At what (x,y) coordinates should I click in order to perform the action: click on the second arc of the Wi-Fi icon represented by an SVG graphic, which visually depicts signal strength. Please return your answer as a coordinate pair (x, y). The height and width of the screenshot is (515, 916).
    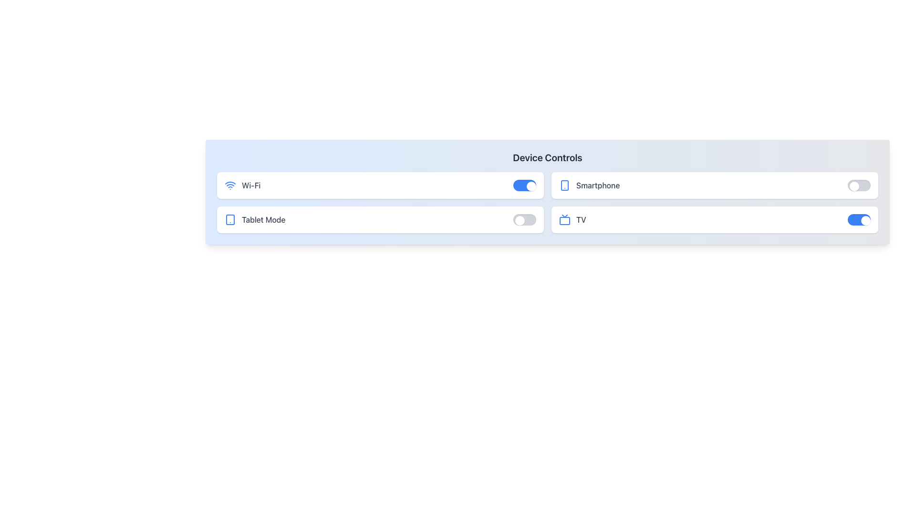
    Looking at the image, I should click on (230, 182).